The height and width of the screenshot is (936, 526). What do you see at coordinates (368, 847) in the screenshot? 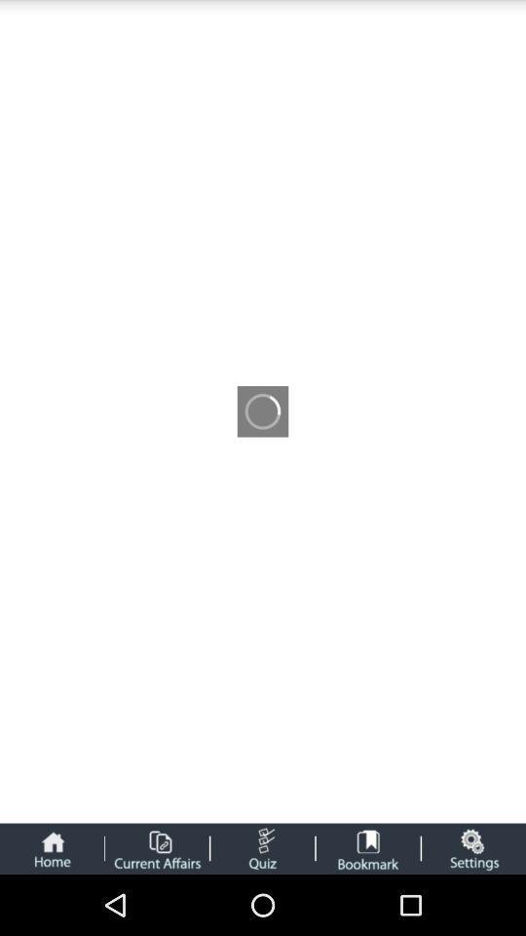
I see `set a bookmark` at bounding box center [368, 847].